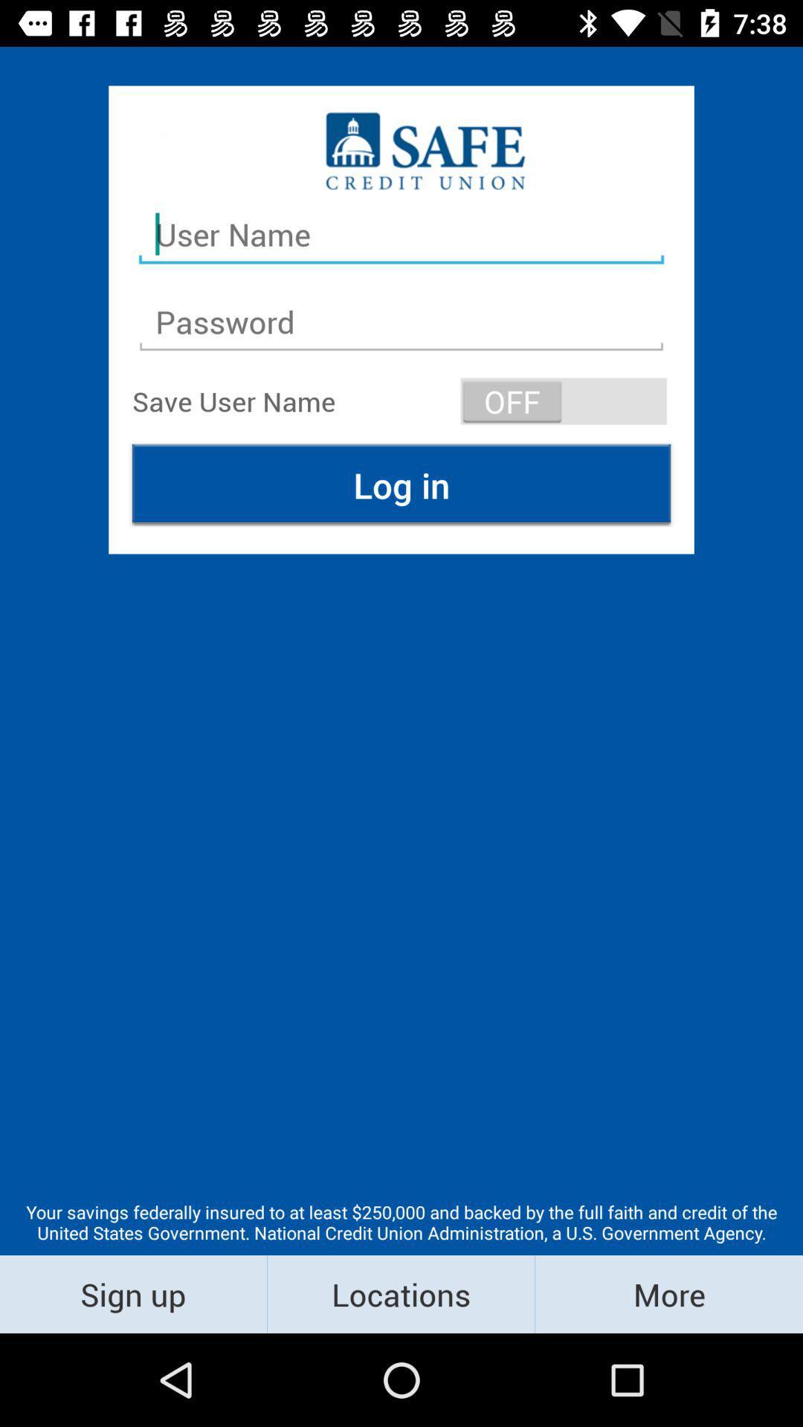 This screenshot has height=1427, width=803. What do you see at coordinates (564, 401) in the screenshot?
I see `the item above log in icon` at bounding box center [564, 401].